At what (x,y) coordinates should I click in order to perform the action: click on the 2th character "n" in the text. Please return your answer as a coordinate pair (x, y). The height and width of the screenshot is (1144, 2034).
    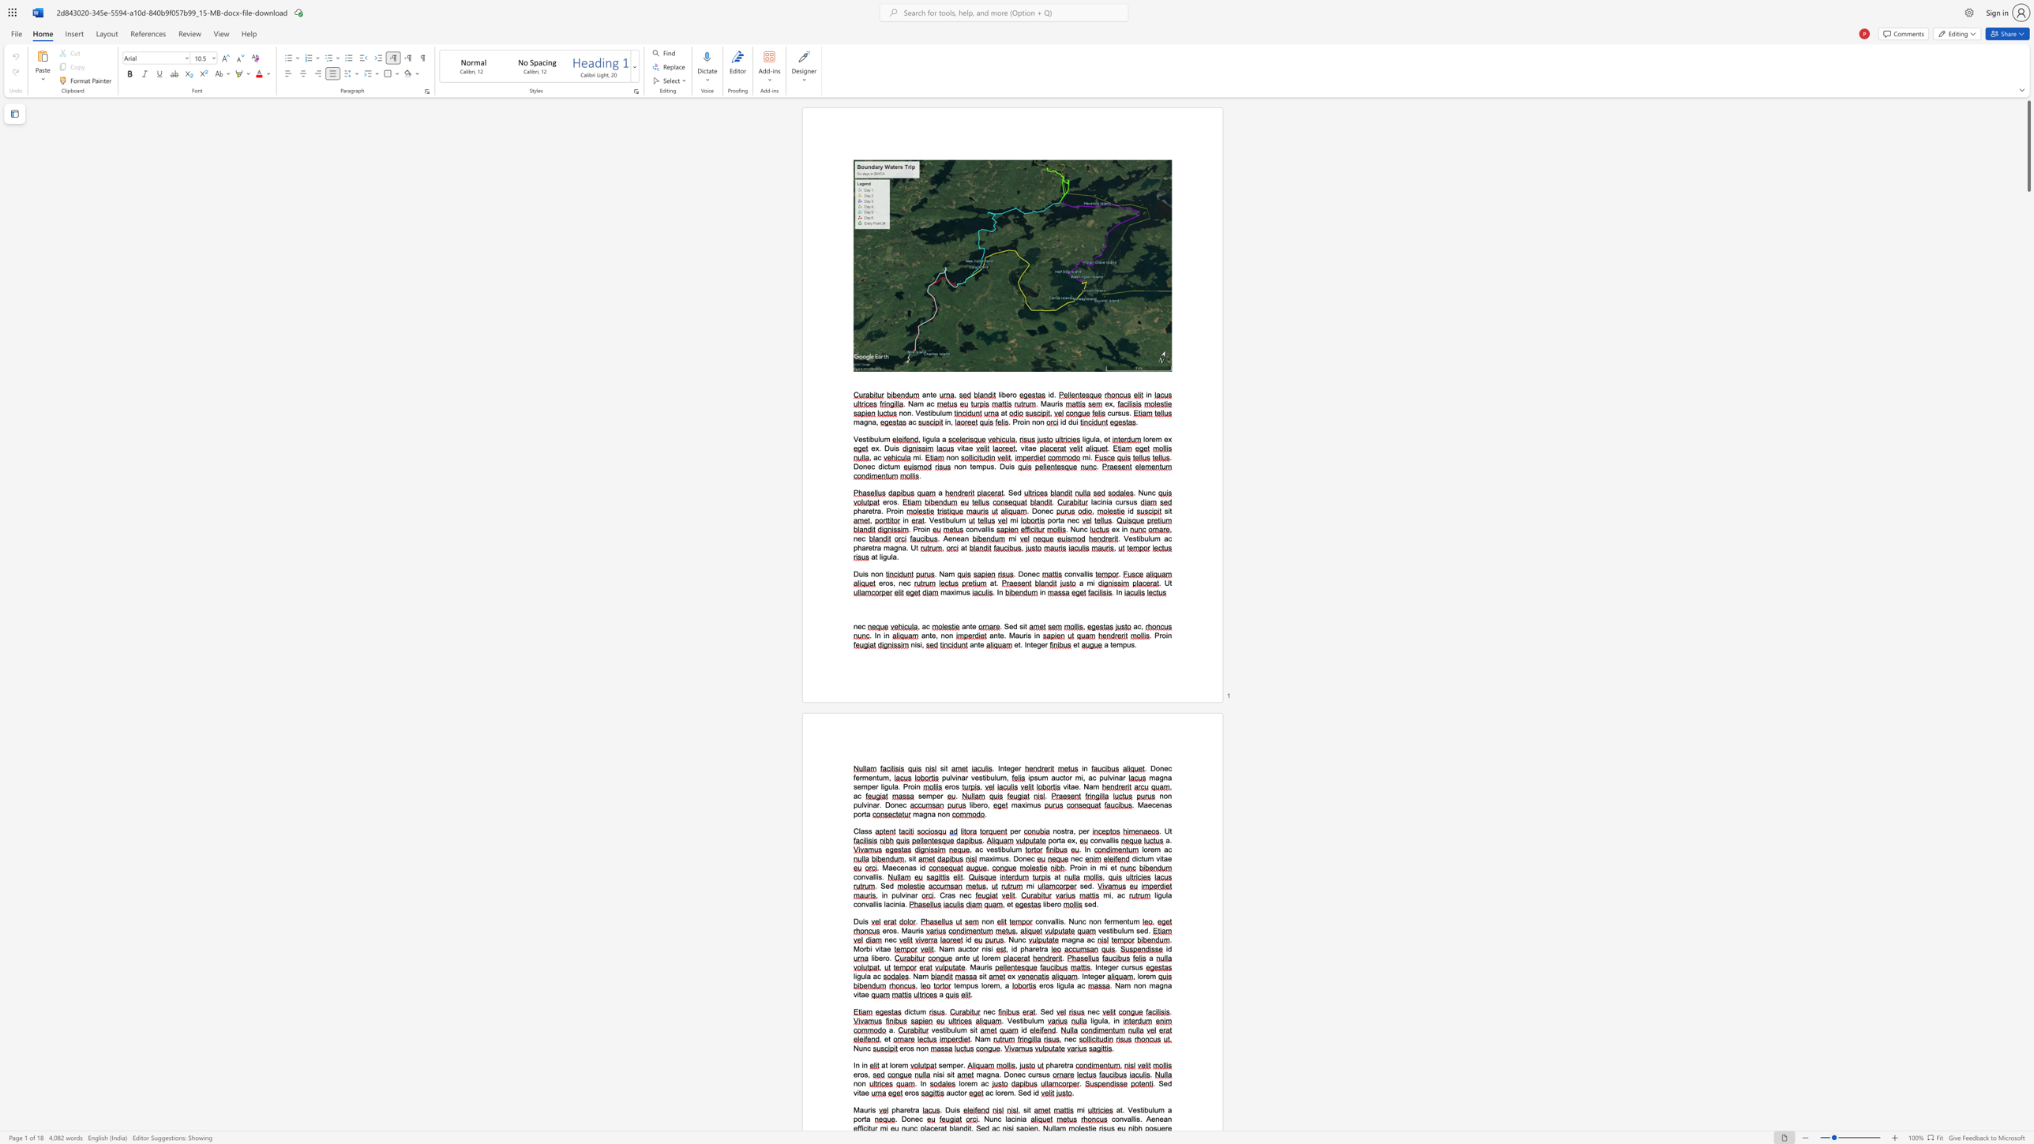
    Looking at the image, I should click on (874, 778).